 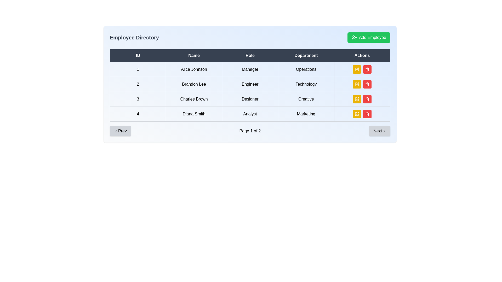 What do you see at coordinates (250, 99) in the screenshot?
I see `the third row of the employee directory table containing the ID '3', Name 'Charles Brown', Role 'Designer', and Department 'Creative' to edit the record` at bounding box center [250, 99].